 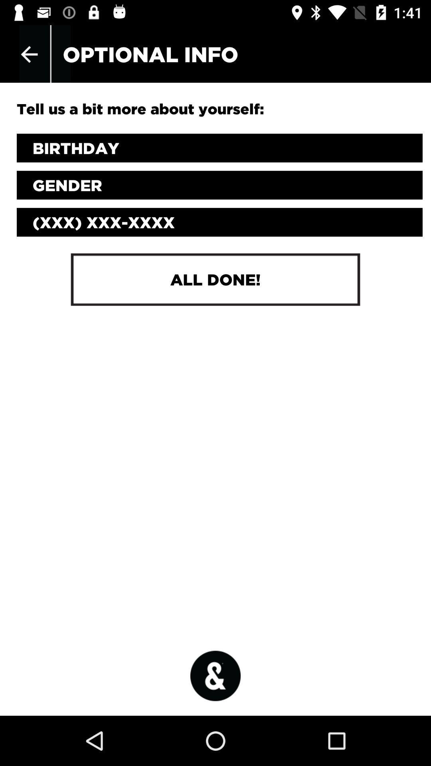 I want to click on item next to optional info icon, so click(x=29, y=54).